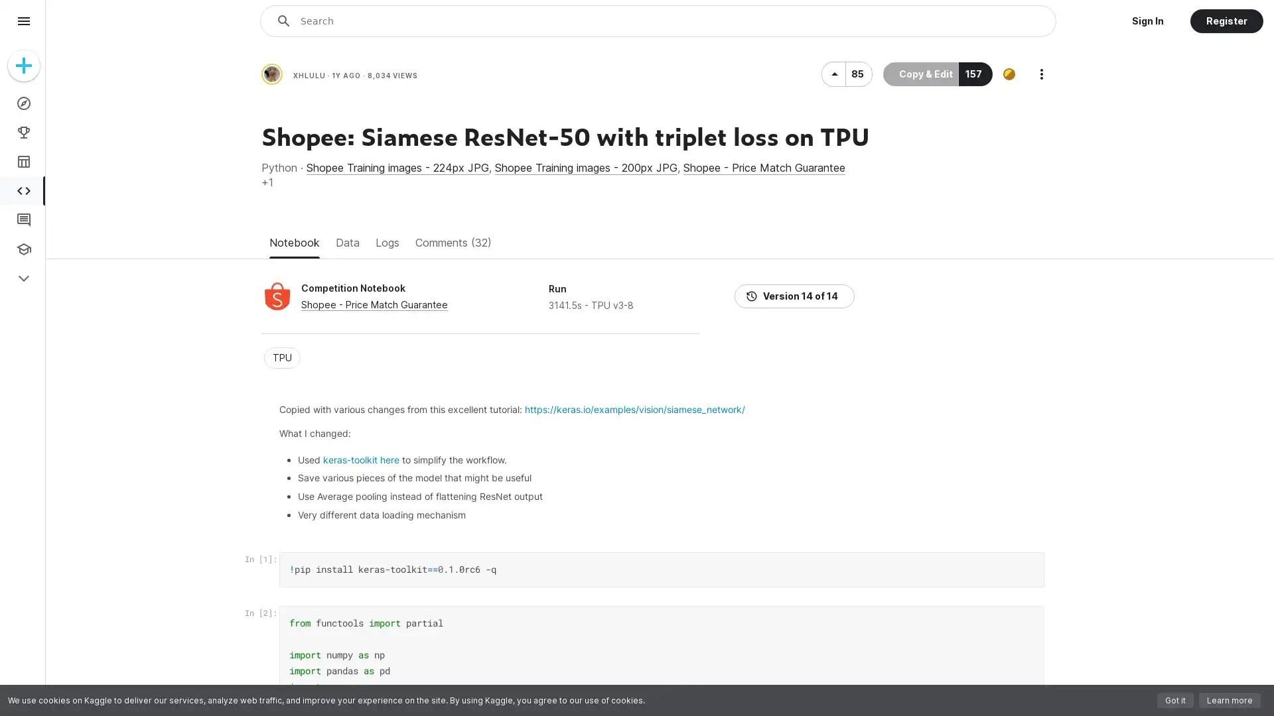 Image resolution: width=1274 pixels, height=716 pixels. What do you see at coordinates (997, 285) in the screenshot?
I see `history Version 14 of 14` at bounding box center [997, 285].